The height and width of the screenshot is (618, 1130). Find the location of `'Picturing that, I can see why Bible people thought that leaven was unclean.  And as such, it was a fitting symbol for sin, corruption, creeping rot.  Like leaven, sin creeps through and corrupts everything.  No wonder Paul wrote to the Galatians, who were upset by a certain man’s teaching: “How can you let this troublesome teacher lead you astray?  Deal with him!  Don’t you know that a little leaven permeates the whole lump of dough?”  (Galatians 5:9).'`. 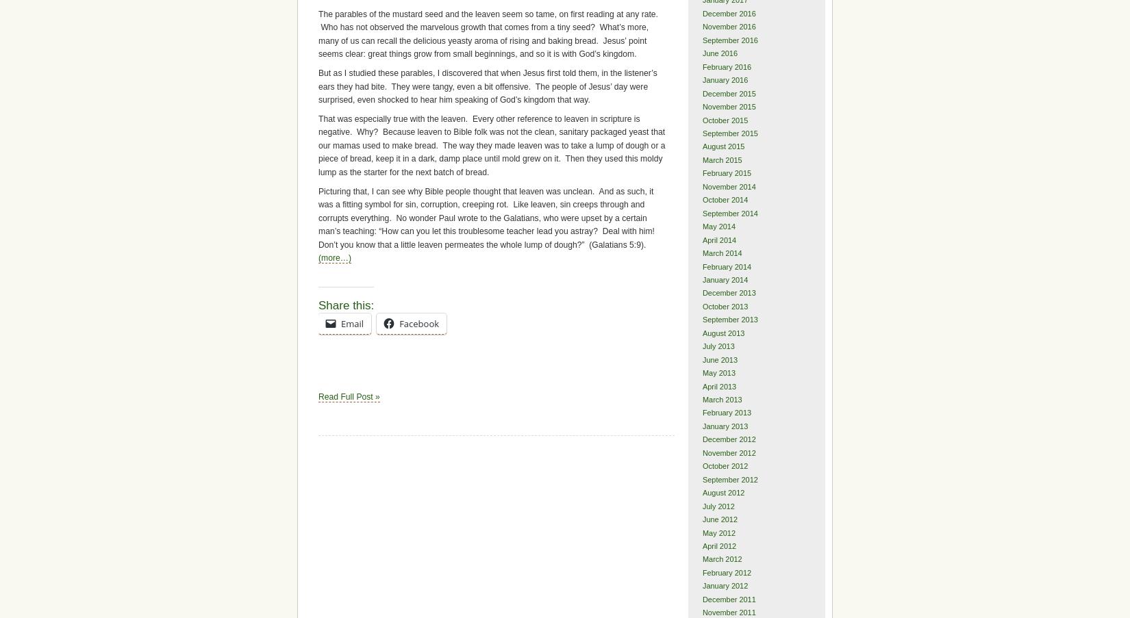

'Picturing that, I can see why Bible people thought that leaven was unclean.  And as such, it was a fitting symbol for sin, corruption, creeping rot.  Like leaven, sin creeps through and corrupts everything.  No wonder Paul wrote to the Galatians, who were upset by a certain man’s teaching: “How can you let this troublesome teacher lead you astray?  Deal with him!  Don’t you know that a little leaven permeates the whole lump of dough?”  (Galatians 5:9).' is located at coordinates (486, 217).